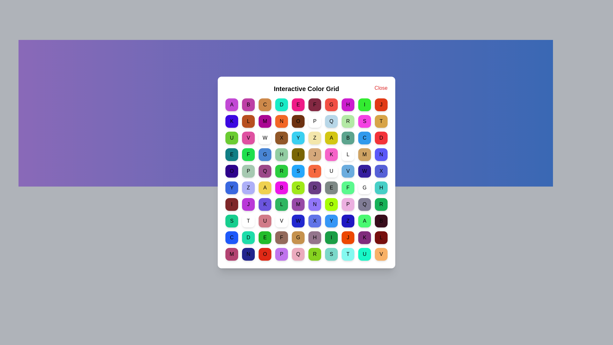  I want to click on the grid cell labeled M to view its color message, so click(265, 121).